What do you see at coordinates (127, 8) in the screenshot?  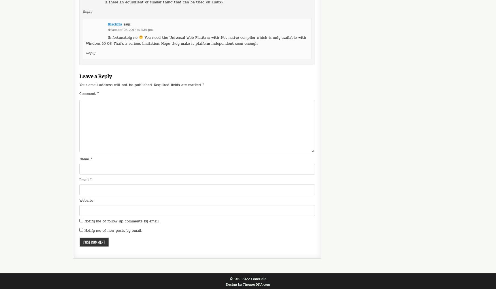 I see `'says:'` at bounding box center [127, 8].